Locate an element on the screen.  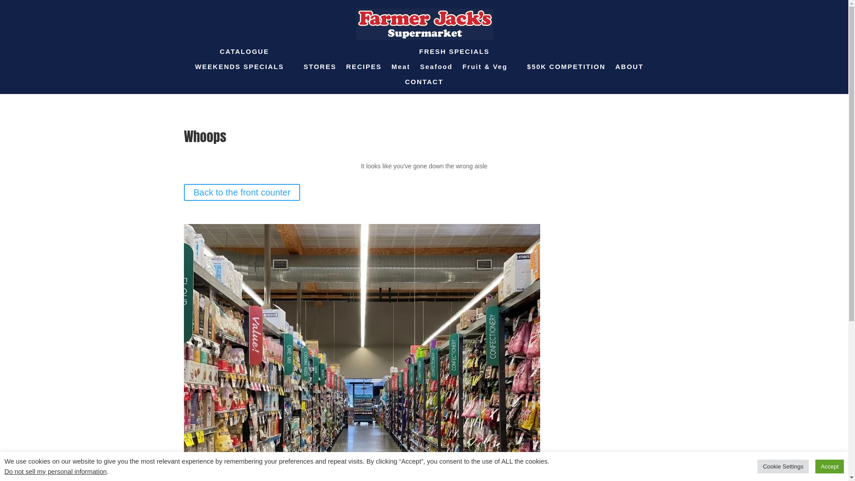
'$50K COMPETITION' is located at coordinates (566, 70).